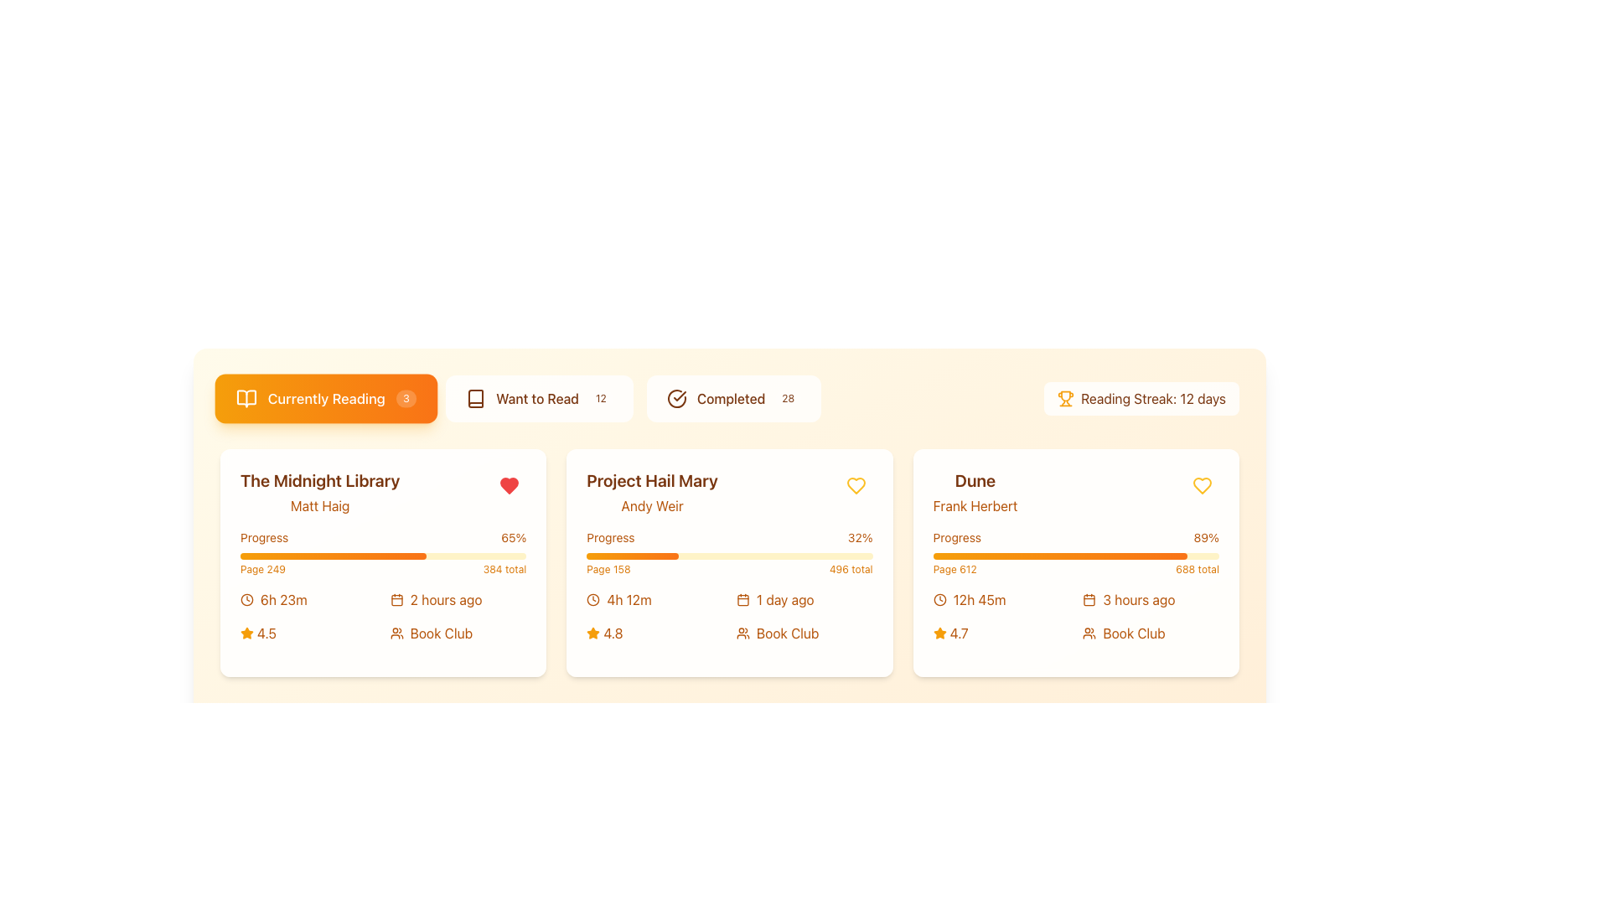 This screenshot has height=905, width=1609. What do you see at coordinates (1150, 633) in the screenshot?
I see `the Label with an icon and text that signifies the association of the book with the 'Book Club' category, located at the bottom right of the third book entry in the grid layout` at bounding box center [1150, 633].